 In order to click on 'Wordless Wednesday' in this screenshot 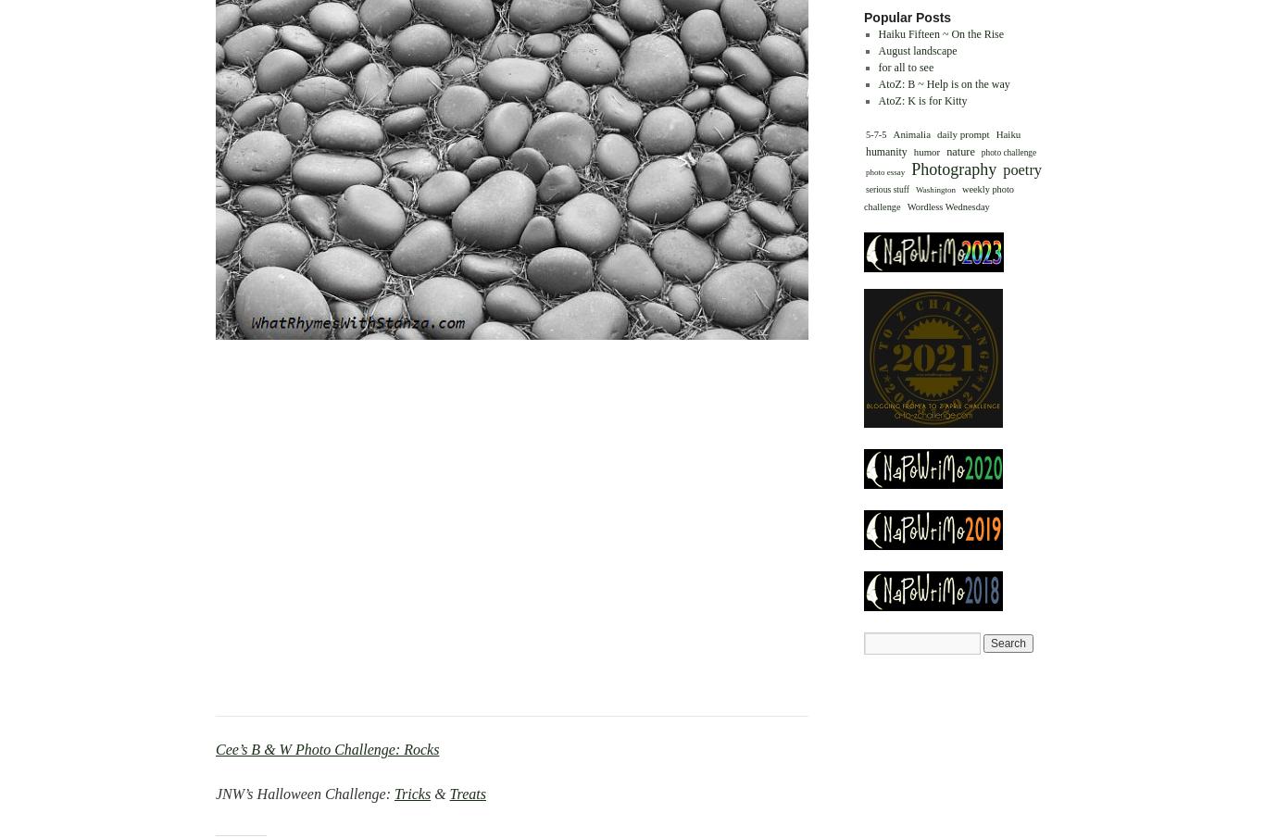, I will do `click(947, 205)`.